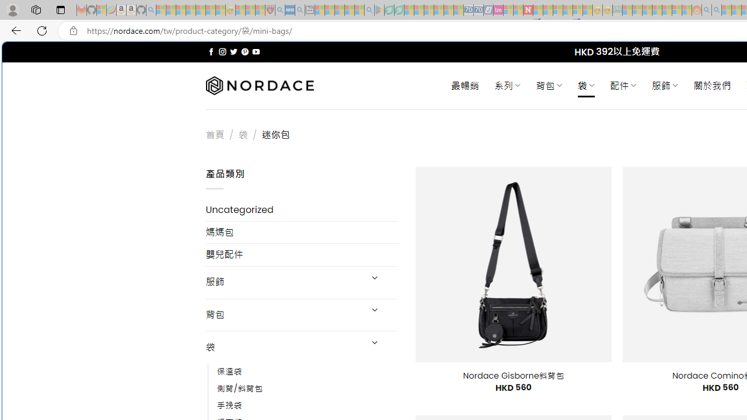 This screenshot has width=747, height=420. What do you see at coordinates (211, 51) in the screenshot?
I see `'Follow on Facebook'` at bounding box center [211, 51].